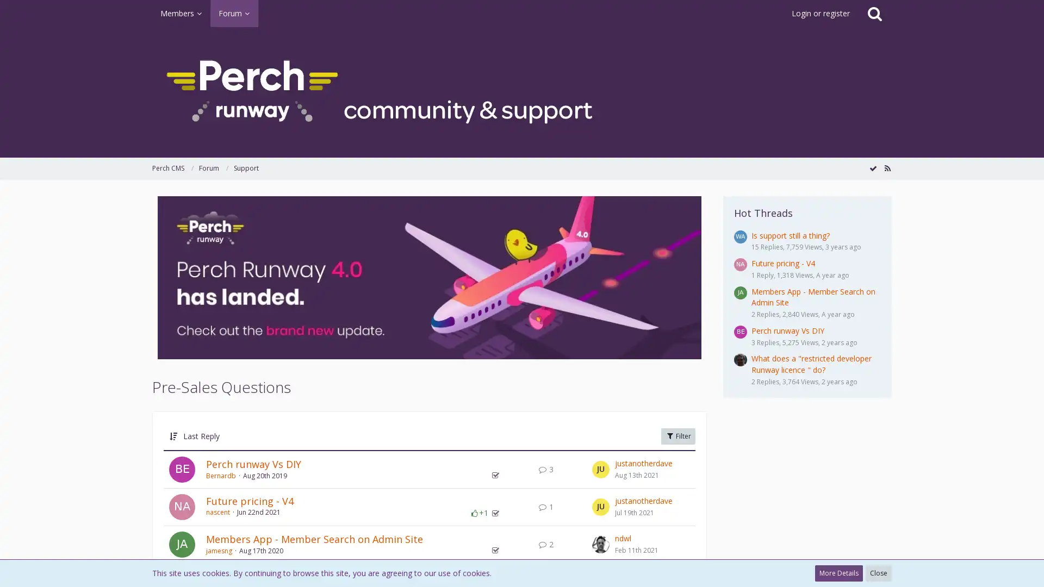 This screenshot has width=1044, height=587. Describe the element at coordinates (678, 435) in the screenshot. I see `Filter` at that location.